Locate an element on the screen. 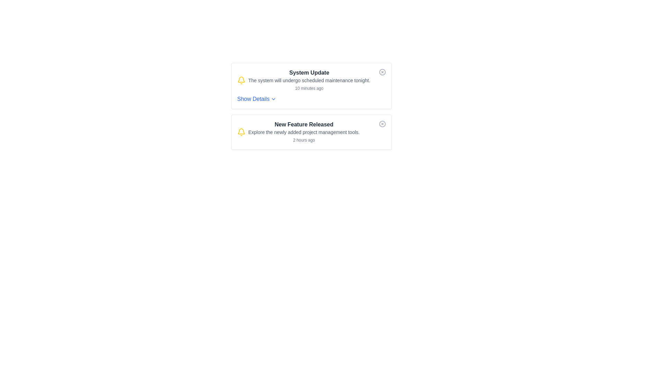 The image size is (664, 373). the text label displaying 'Explore the newly added project management tools.' located in the second notification card, below the title 'New Feature Released' is located at coordinates (304, 132).